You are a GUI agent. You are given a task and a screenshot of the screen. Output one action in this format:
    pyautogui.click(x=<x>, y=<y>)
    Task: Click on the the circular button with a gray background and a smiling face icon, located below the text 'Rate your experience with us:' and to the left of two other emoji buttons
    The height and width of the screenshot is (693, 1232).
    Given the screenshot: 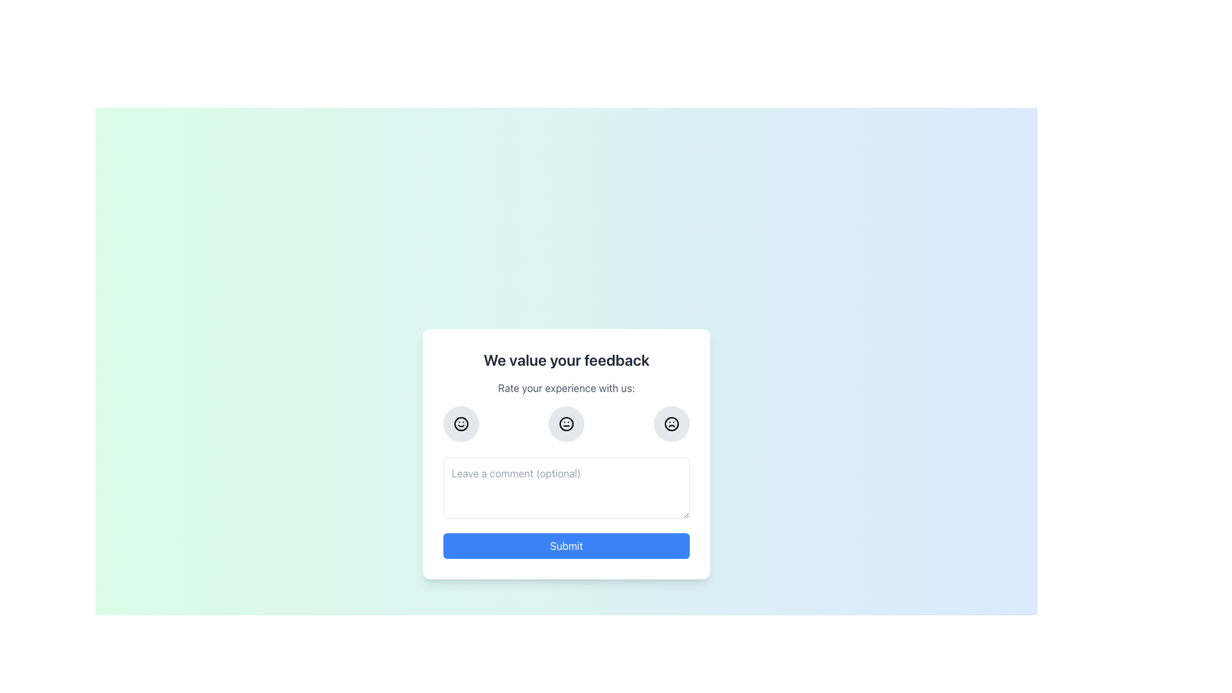 What is the action you would take?
    pyautogui.click(x=461, y=424)
    